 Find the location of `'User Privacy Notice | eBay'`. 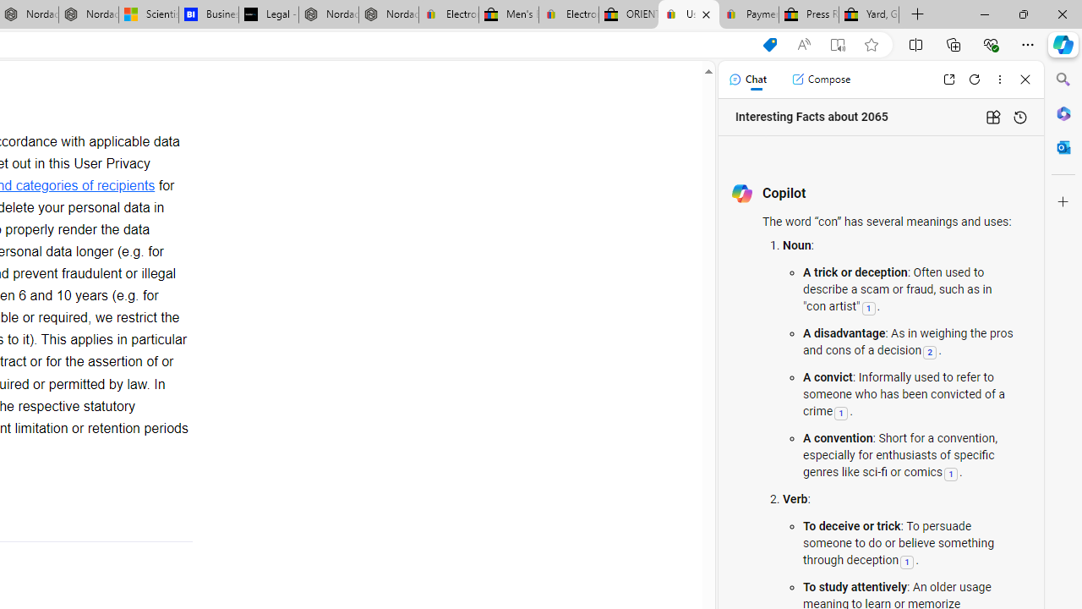

'User Privacy Notice | eBay' is located at coordinates (688, 14).